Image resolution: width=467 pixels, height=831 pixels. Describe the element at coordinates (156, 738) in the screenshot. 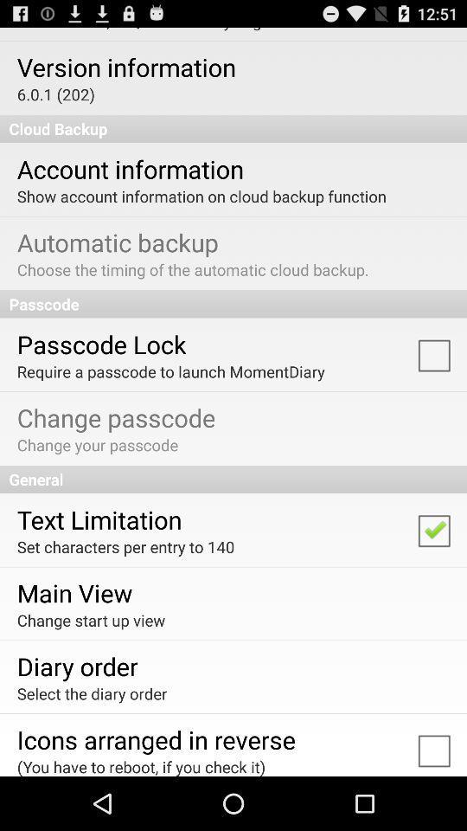

I see `the app above you have to item` at that location.